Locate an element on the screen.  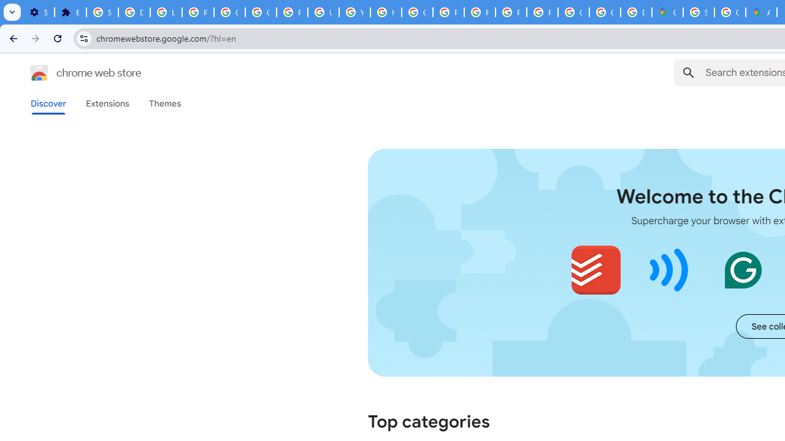
'Chrome Web Store logo' is located at coordinates (39, 73).